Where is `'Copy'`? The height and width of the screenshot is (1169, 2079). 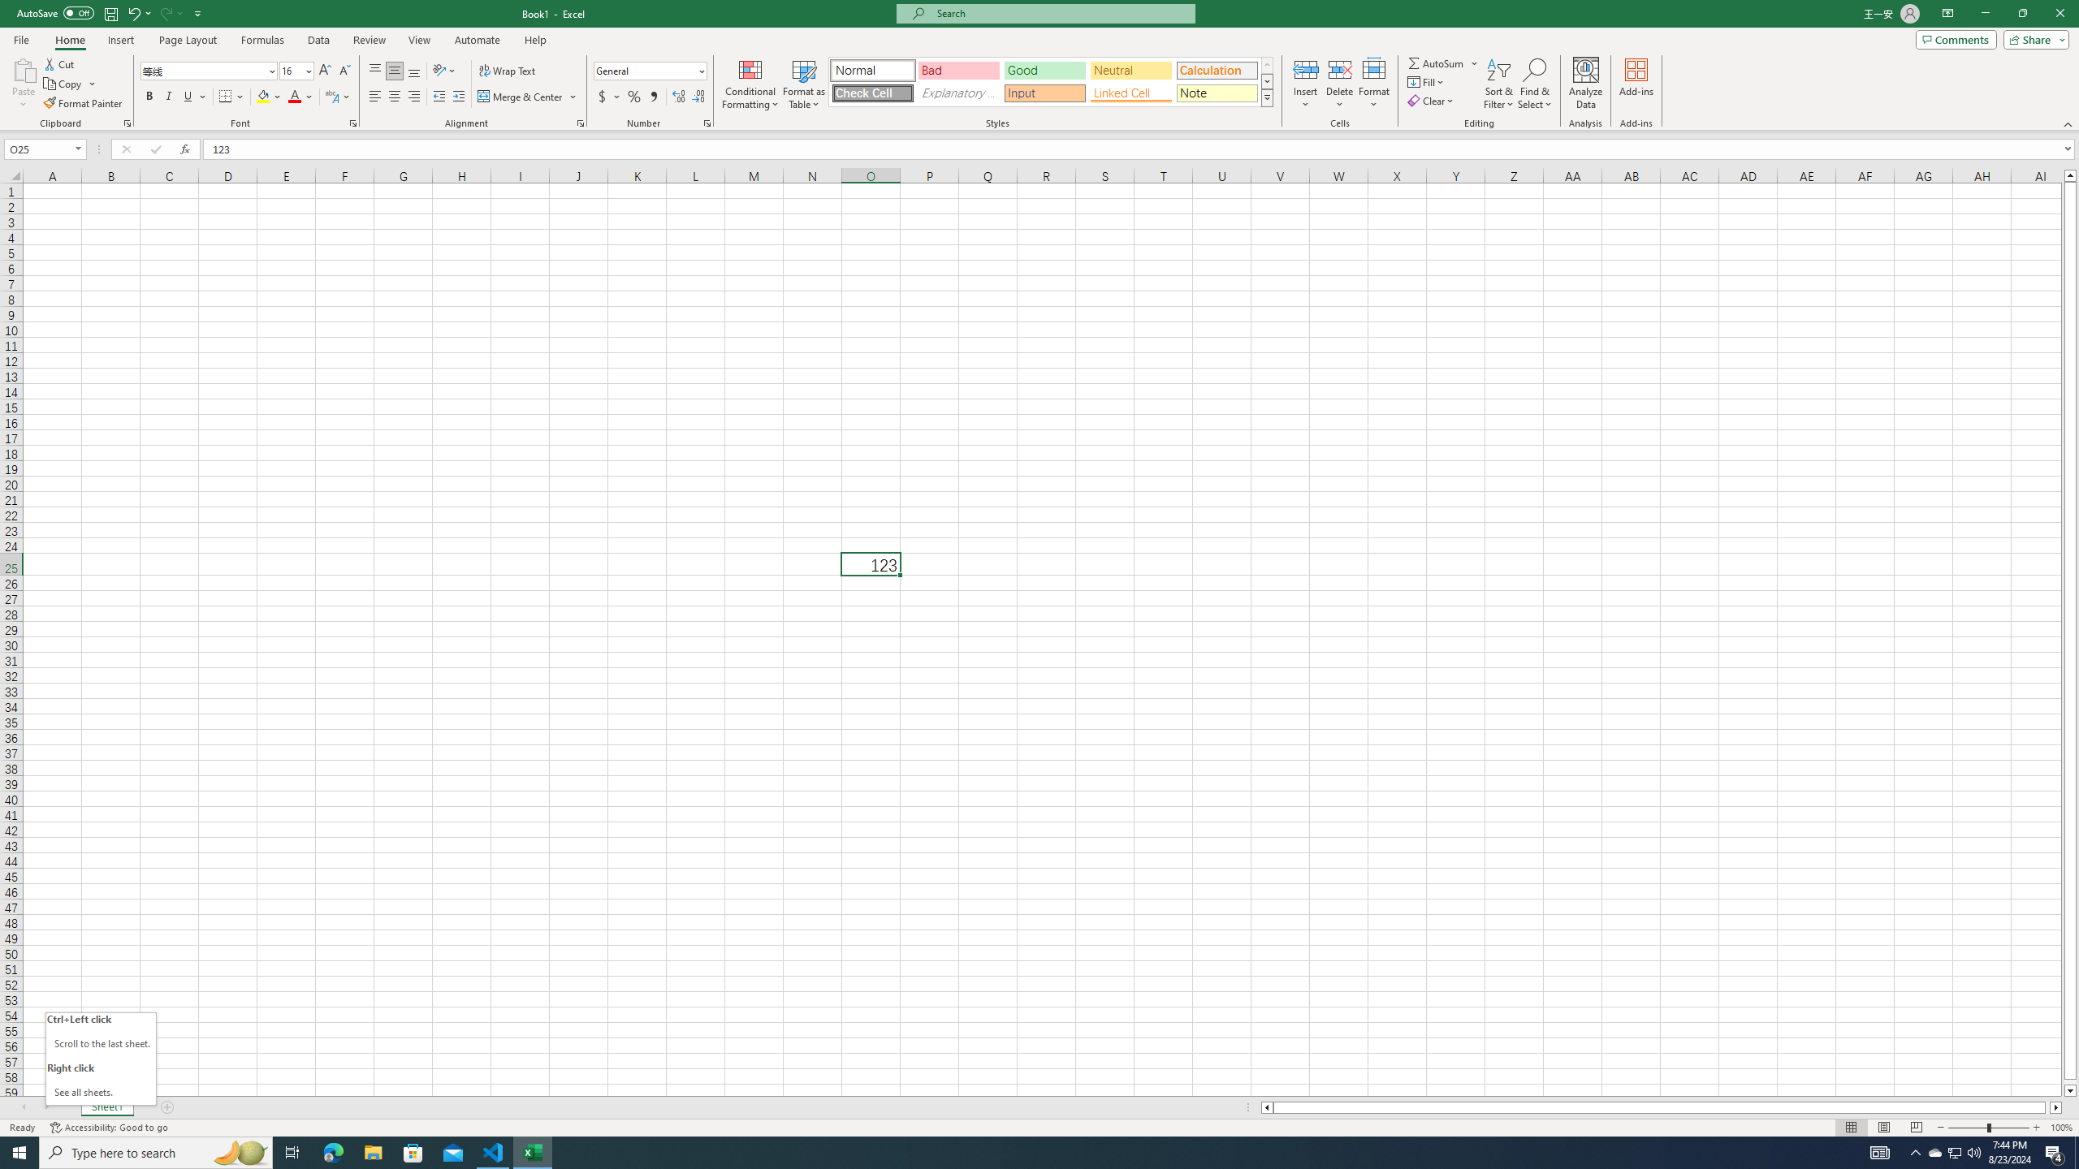
'Copy' is located at coordinates (63, 84).